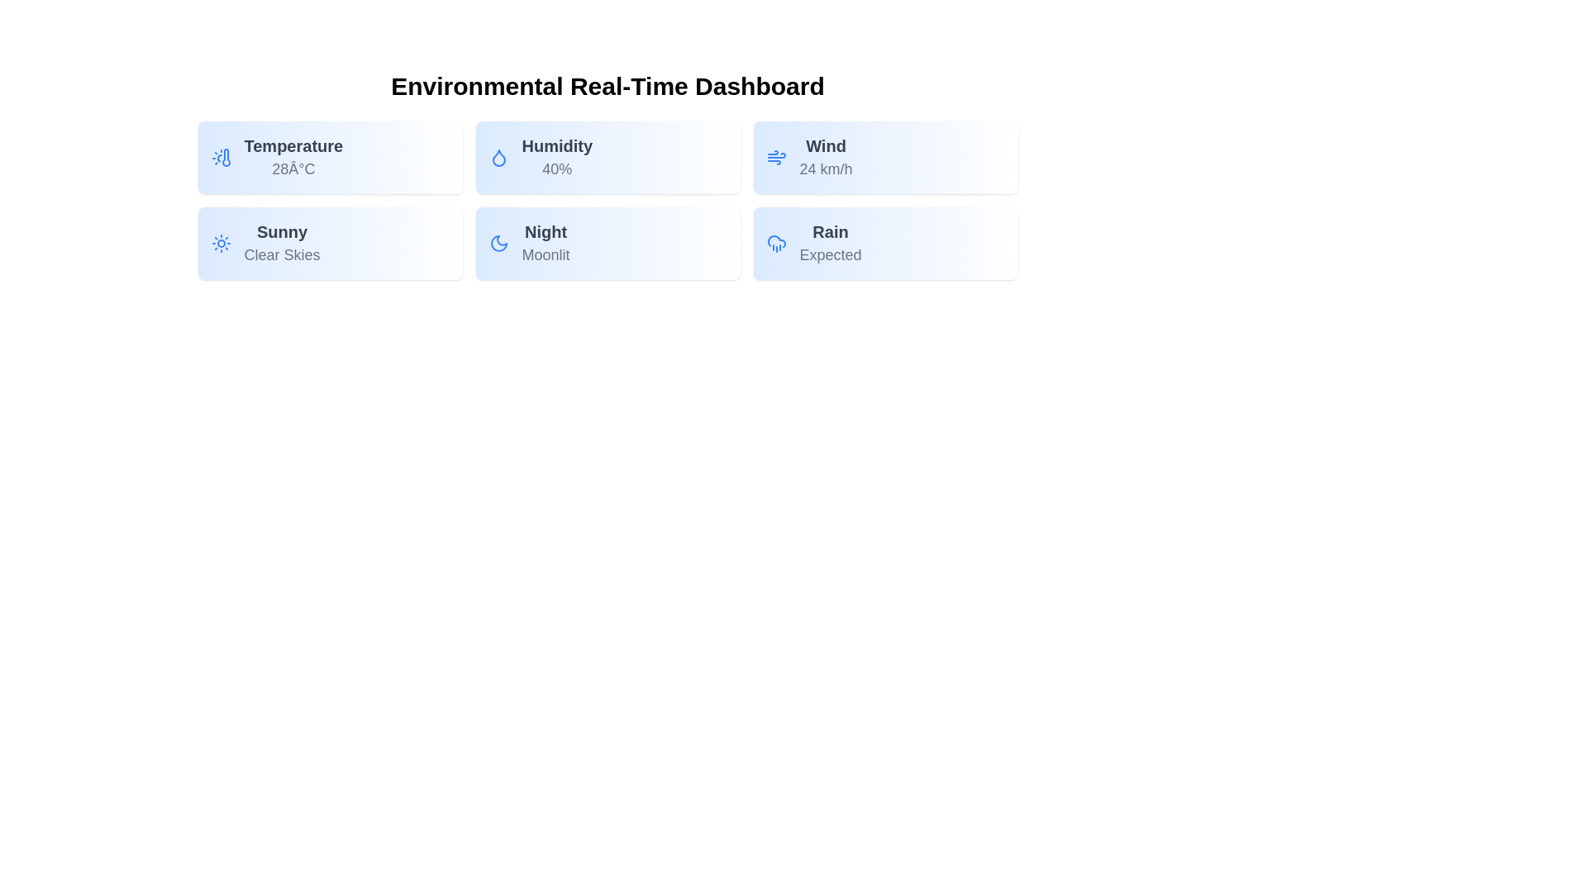 The image size is (1587, 892). I want to click on the cloud icon with rain drops beneath it, which is prominently displayed in bold blue color within the 'Rain Expected' widget, located centrally above the text 'Rain Expected' in the lower right corner of the dashboard interface, so click(775, 243).